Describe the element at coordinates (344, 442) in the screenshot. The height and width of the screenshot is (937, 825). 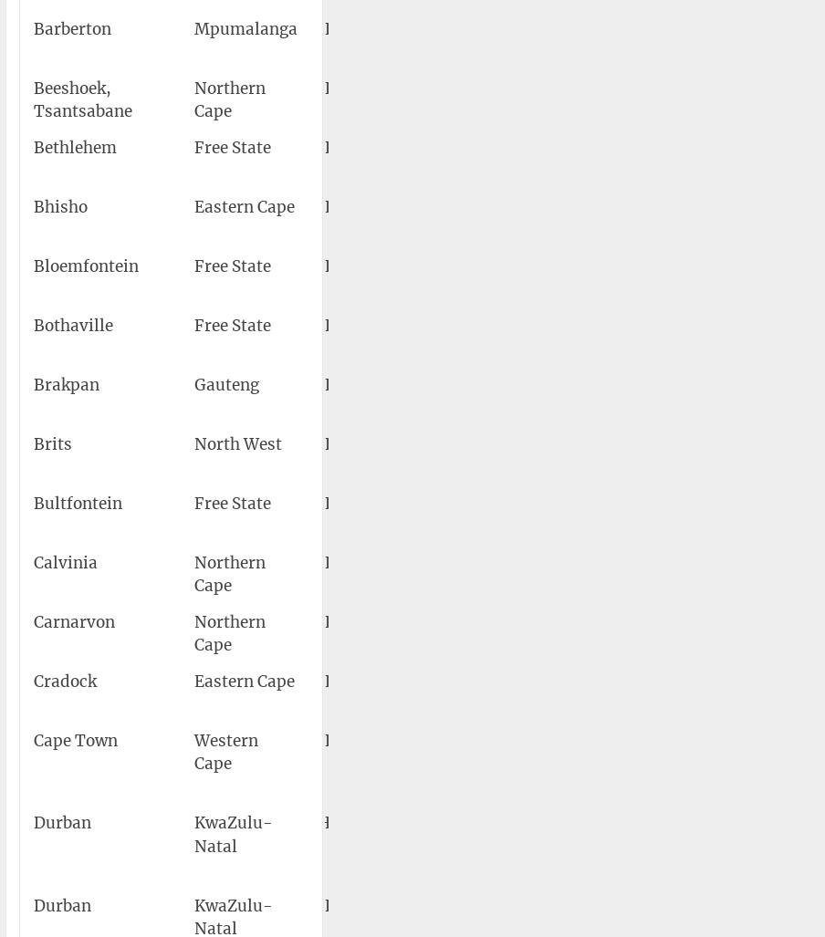
I see `'FABS'` at that location.